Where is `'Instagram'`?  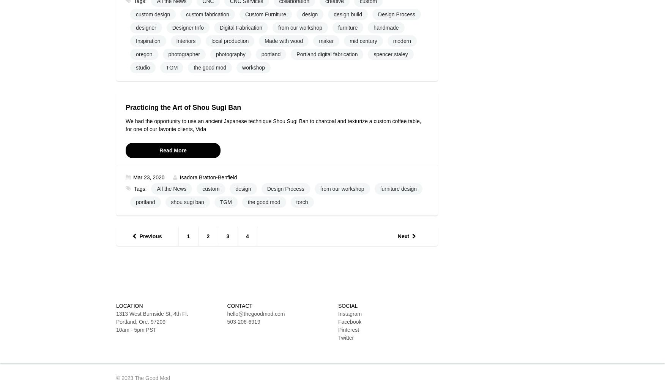
'Instagram' is located at coordinates (350, 313).